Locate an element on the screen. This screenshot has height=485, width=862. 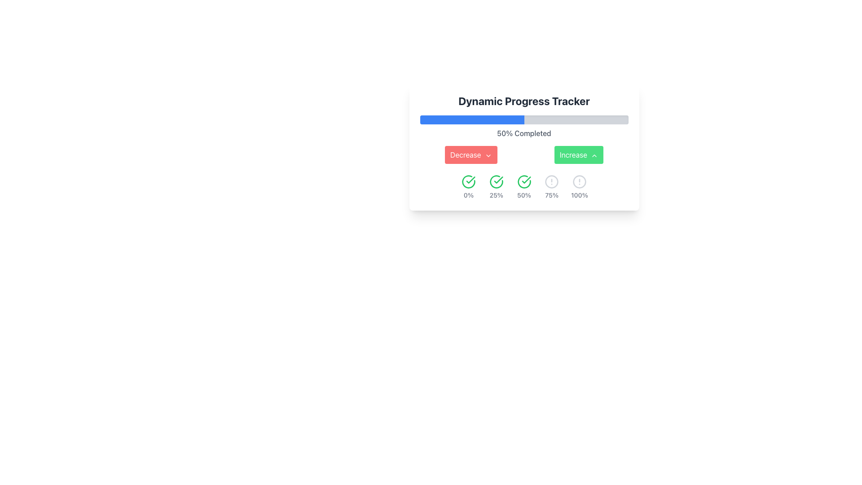
the Text Display element that shows the percentage value '0%', which is part of a circular layout with a green check-mark icon, indicating the progress status is located at coordinates (468, 195).